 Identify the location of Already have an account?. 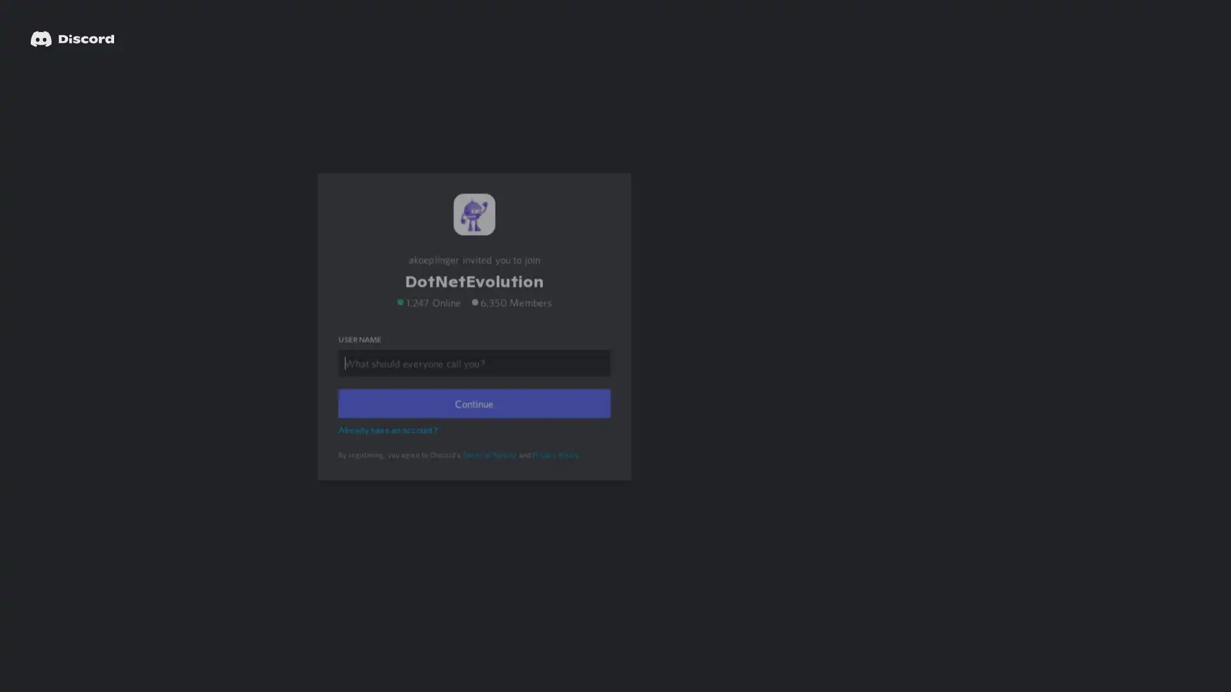
(389, 446).